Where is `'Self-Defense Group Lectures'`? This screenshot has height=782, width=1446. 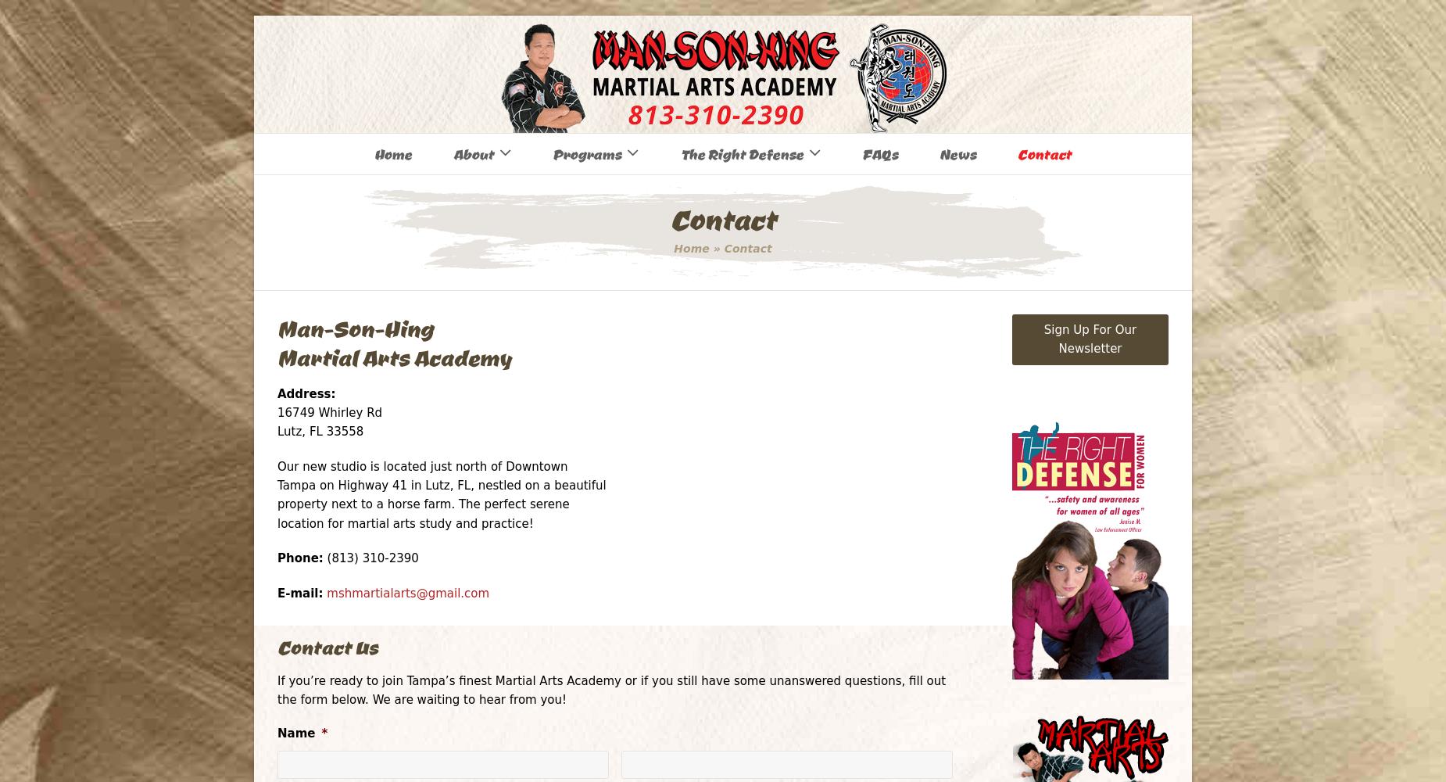
'Self-Defense Group Lectures' is located at coordinates (543, 278).